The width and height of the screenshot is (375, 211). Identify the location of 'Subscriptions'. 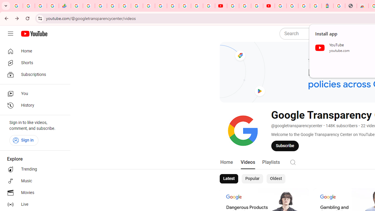
(33, 74).